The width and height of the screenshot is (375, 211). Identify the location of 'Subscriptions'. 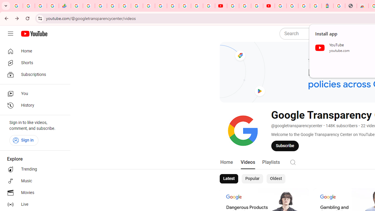
(33, 74).